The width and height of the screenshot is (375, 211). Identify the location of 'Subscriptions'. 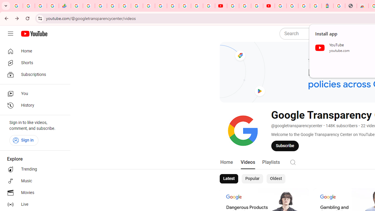
(33, 74).